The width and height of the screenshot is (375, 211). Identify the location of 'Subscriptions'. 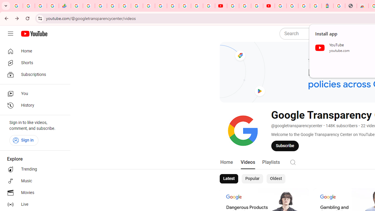
(33, 74).